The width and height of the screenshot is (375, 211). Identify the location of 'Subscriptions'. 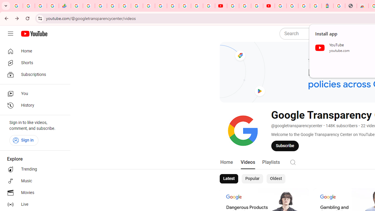
(33, 74).